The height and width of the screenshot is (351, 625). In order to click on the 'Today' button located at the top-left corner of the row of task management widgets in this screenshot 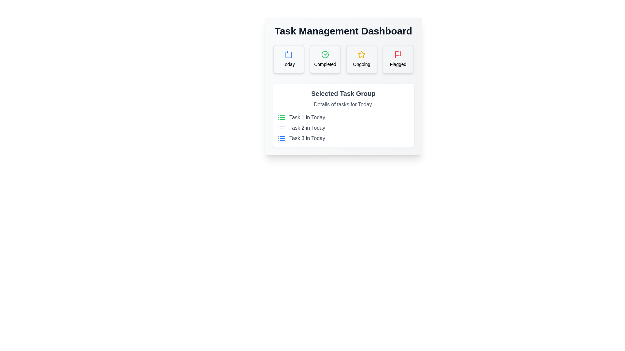, I will do `click(288, 59)`.